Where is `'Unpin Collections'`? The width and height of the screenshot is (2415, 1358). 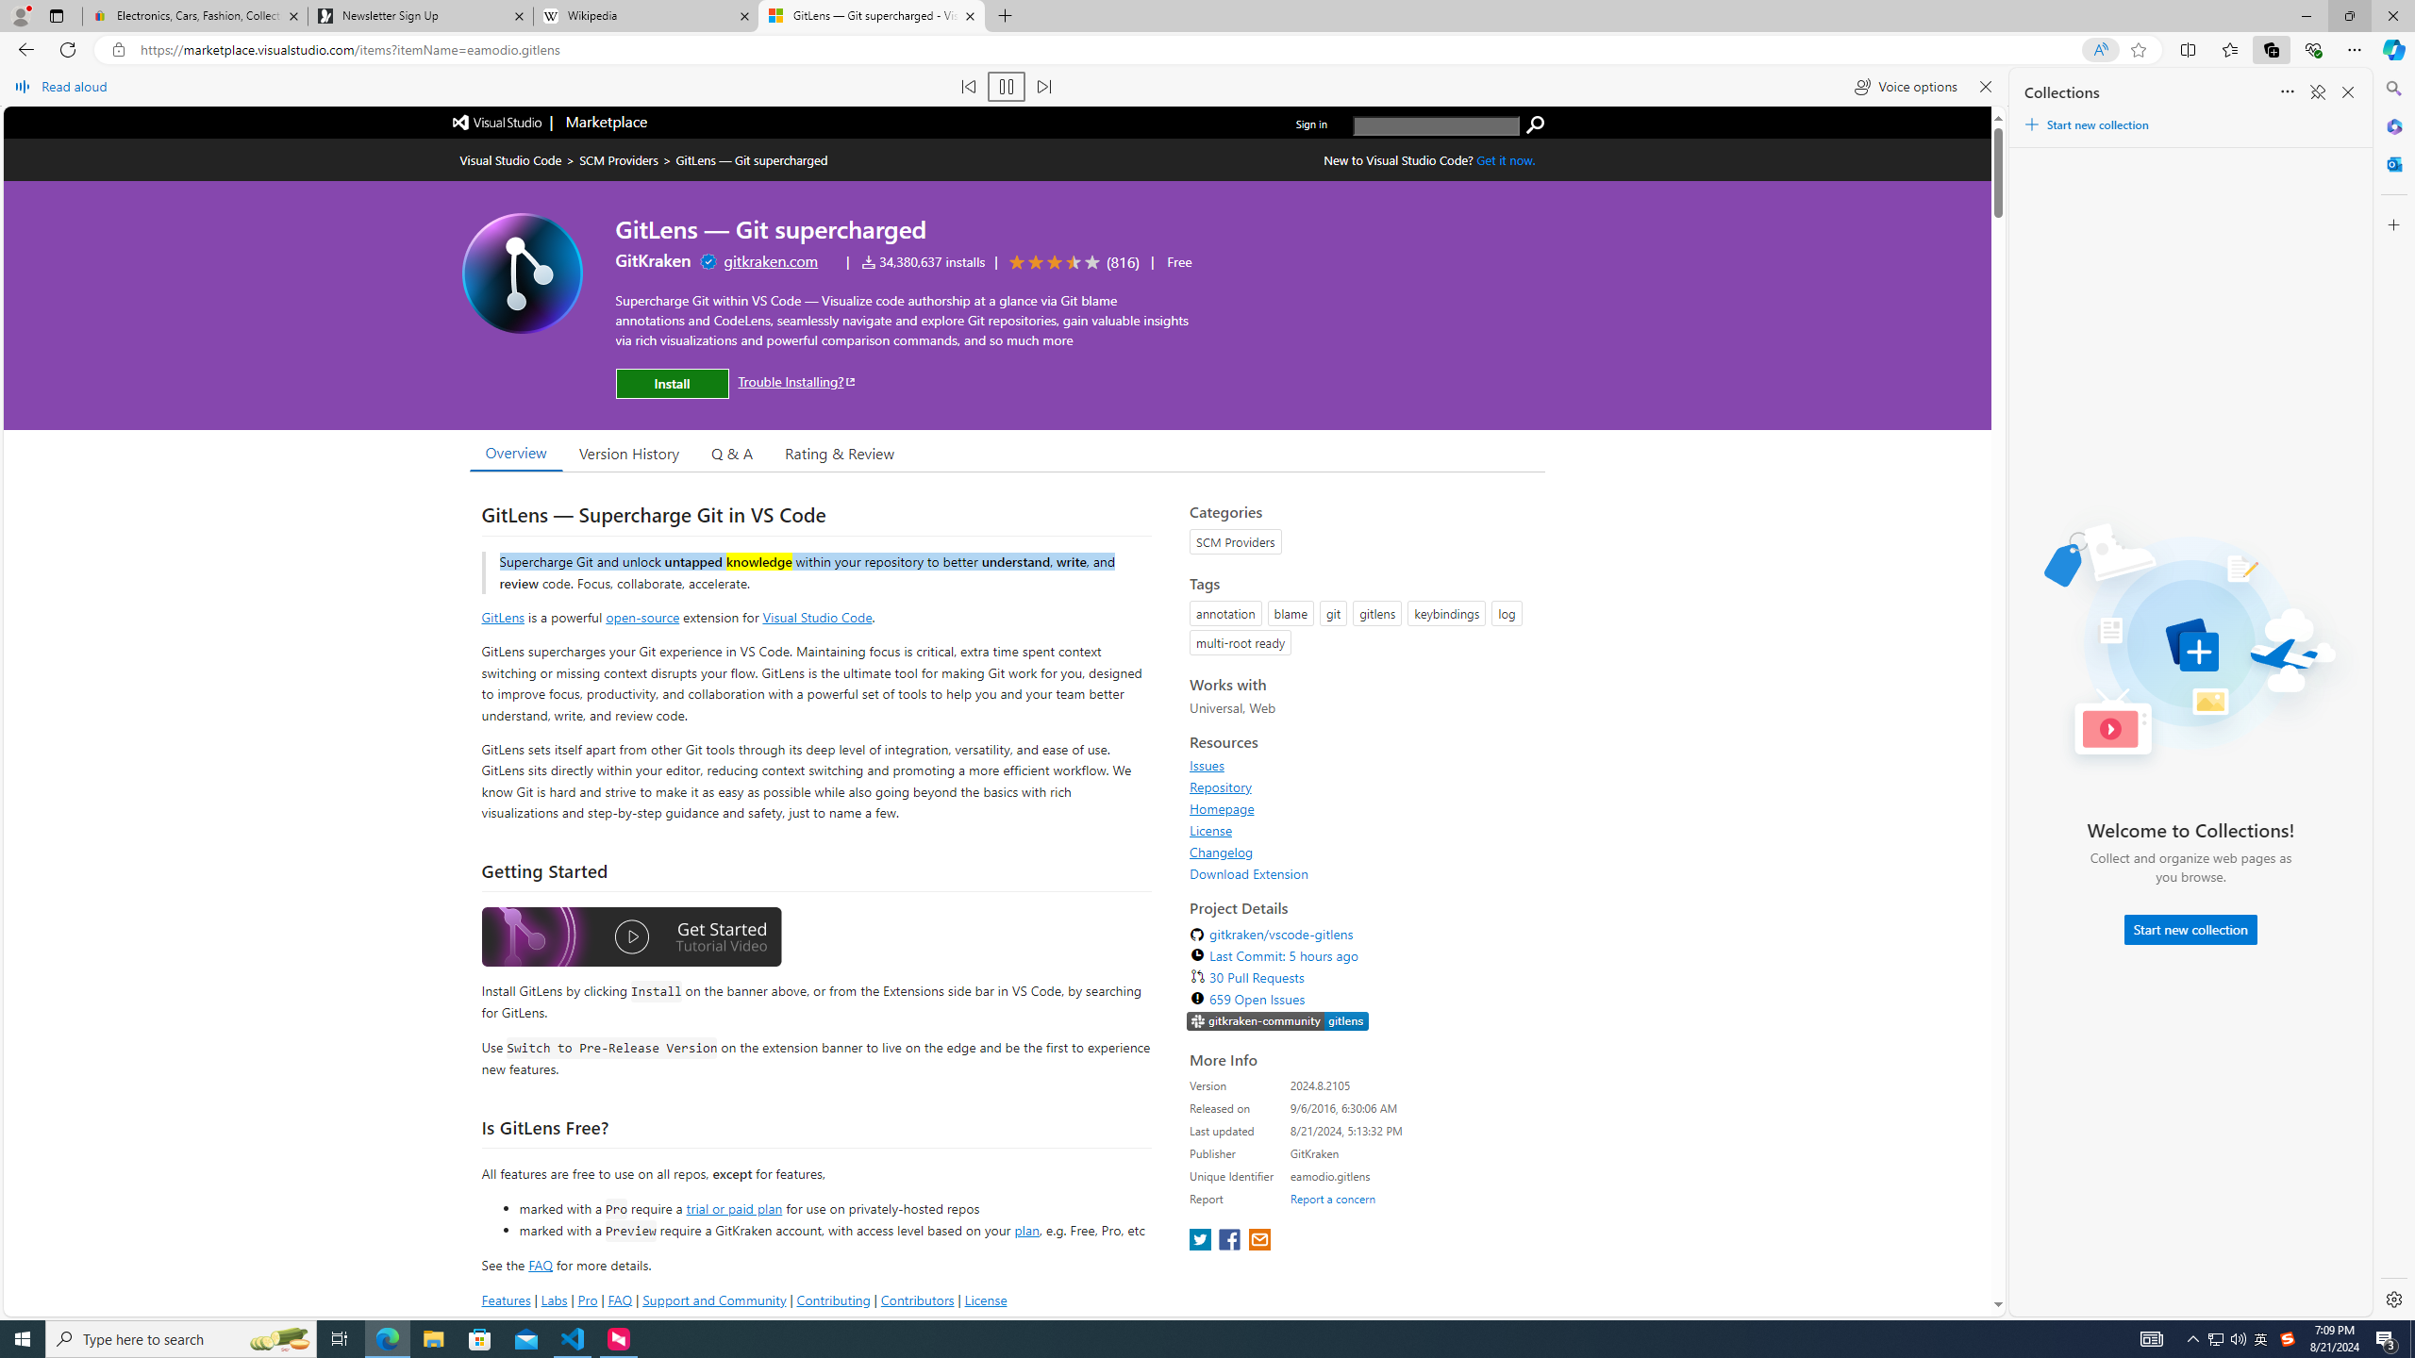 'Unpin Collections' is located at coordinates (2316, 91).